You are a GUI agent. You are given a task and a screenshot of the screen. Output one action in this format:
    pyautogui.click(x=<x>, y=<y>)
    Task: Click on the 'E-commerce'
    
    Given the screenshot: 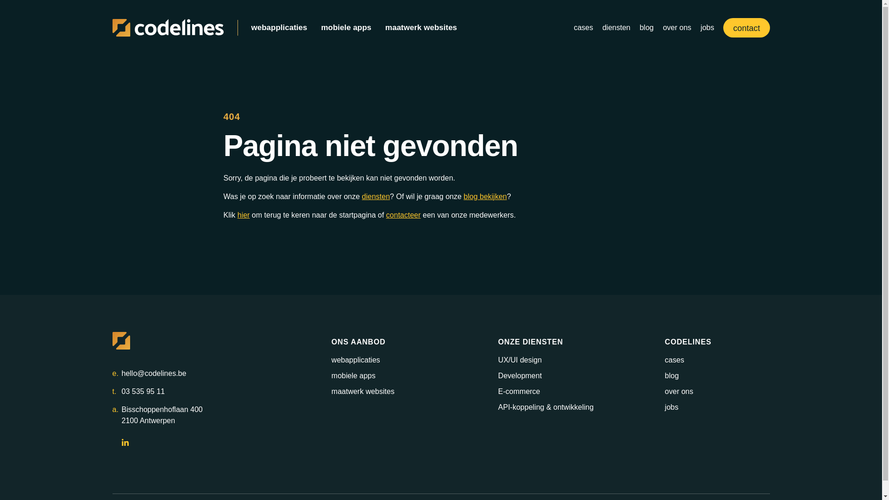 What is the action you would take?
    pyautogui.click(x=519, y=391)
    